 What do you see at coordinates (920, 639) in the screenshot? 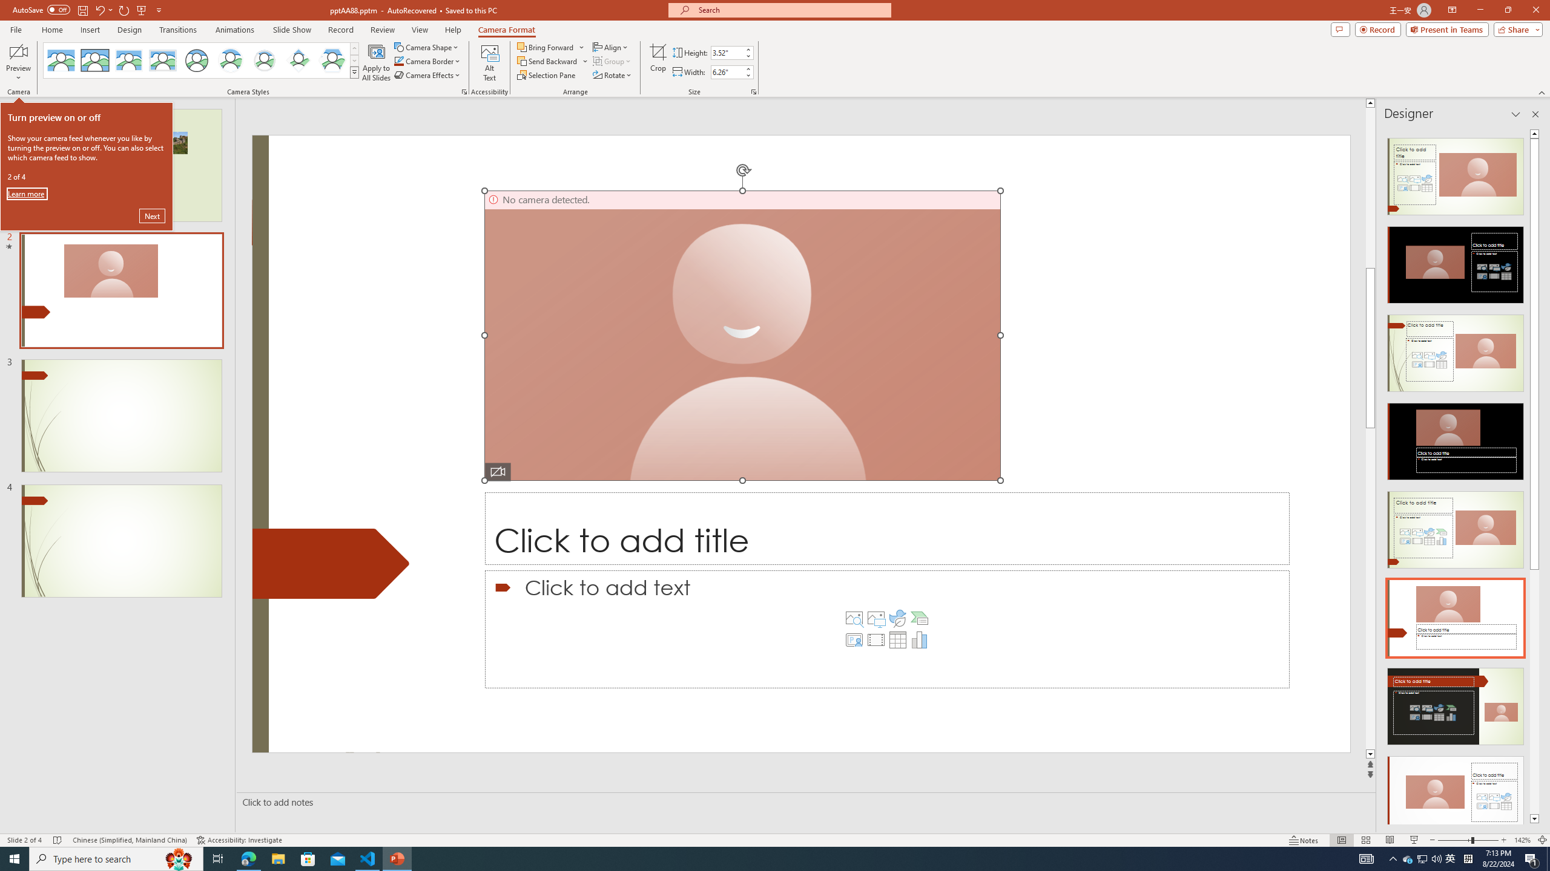
I see `'Insert Chart'` at bounding box center [920, 639].